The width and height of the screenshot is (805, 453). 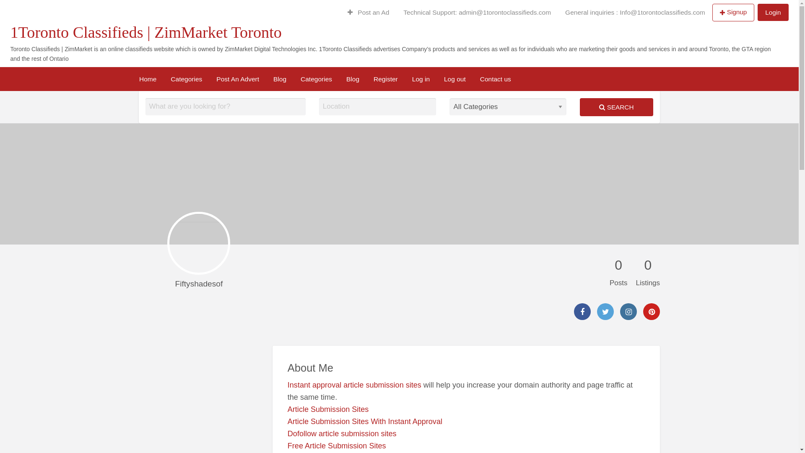 What do you see at coordinates (495, 79) in the screenshot?
I see `'Contact us'` at bounding box center [495, 79].